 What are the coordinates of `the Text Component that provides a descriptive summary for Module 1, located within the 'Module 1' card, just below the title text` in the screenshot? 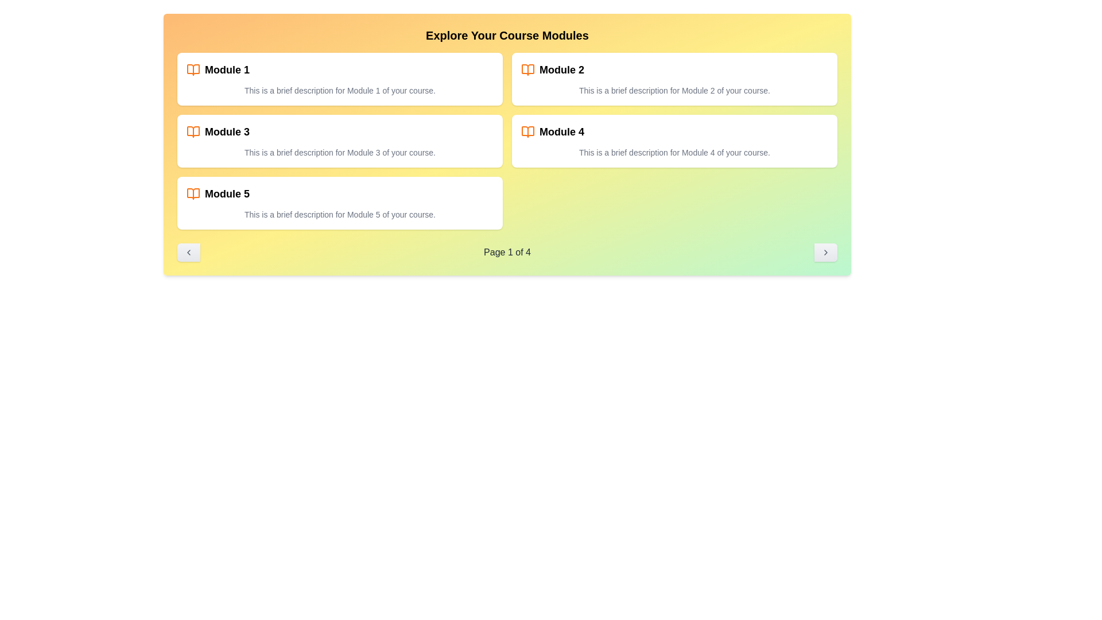 It's located at (339, 90).